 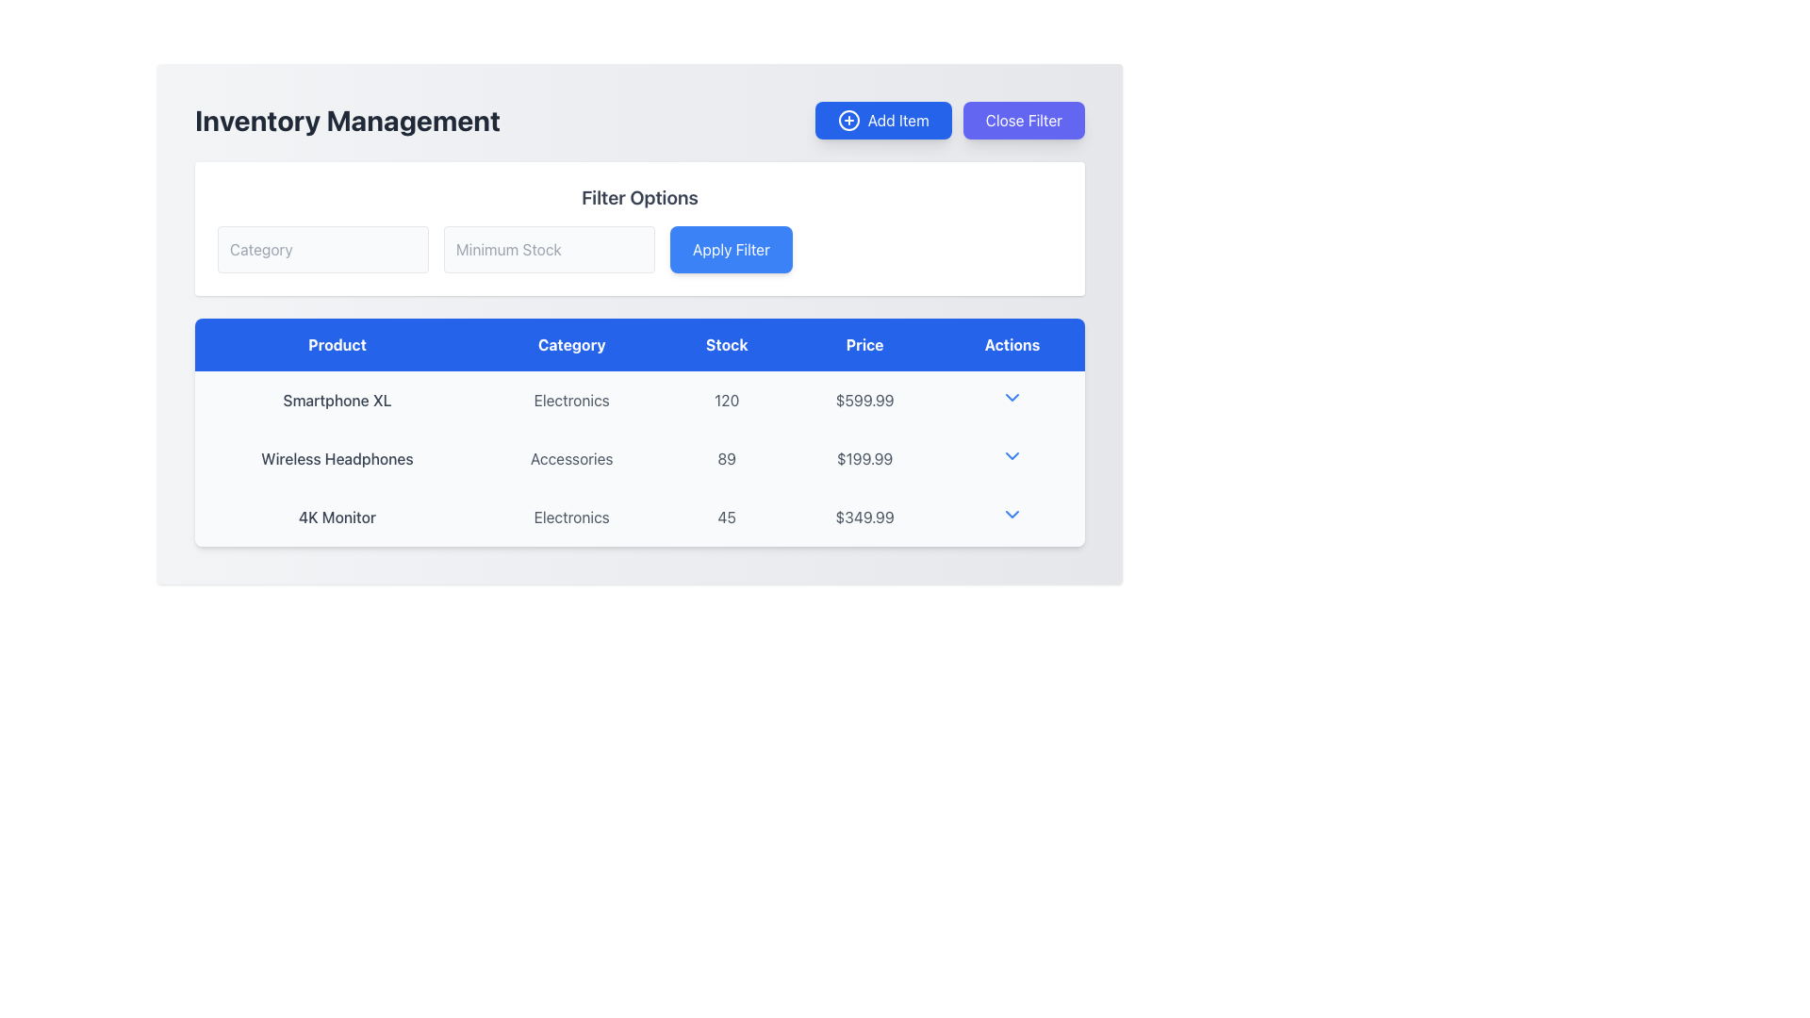 I want to click on the circular blue icon with a '+' symbol in the center, located, so click(x=847, y=120).